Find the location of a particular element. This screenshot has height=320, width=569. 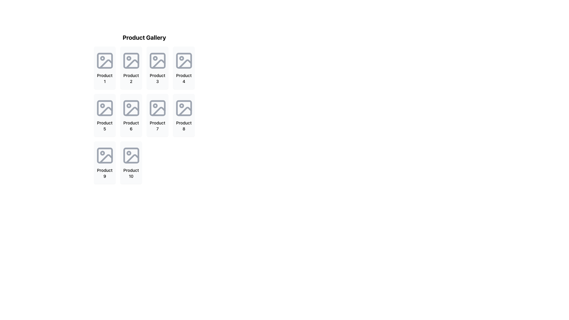

the Image Icon representing 'Product 8' located in the second row and fourth column of the 'Product Gallery' grid layout is located at coordinates (183, 108).